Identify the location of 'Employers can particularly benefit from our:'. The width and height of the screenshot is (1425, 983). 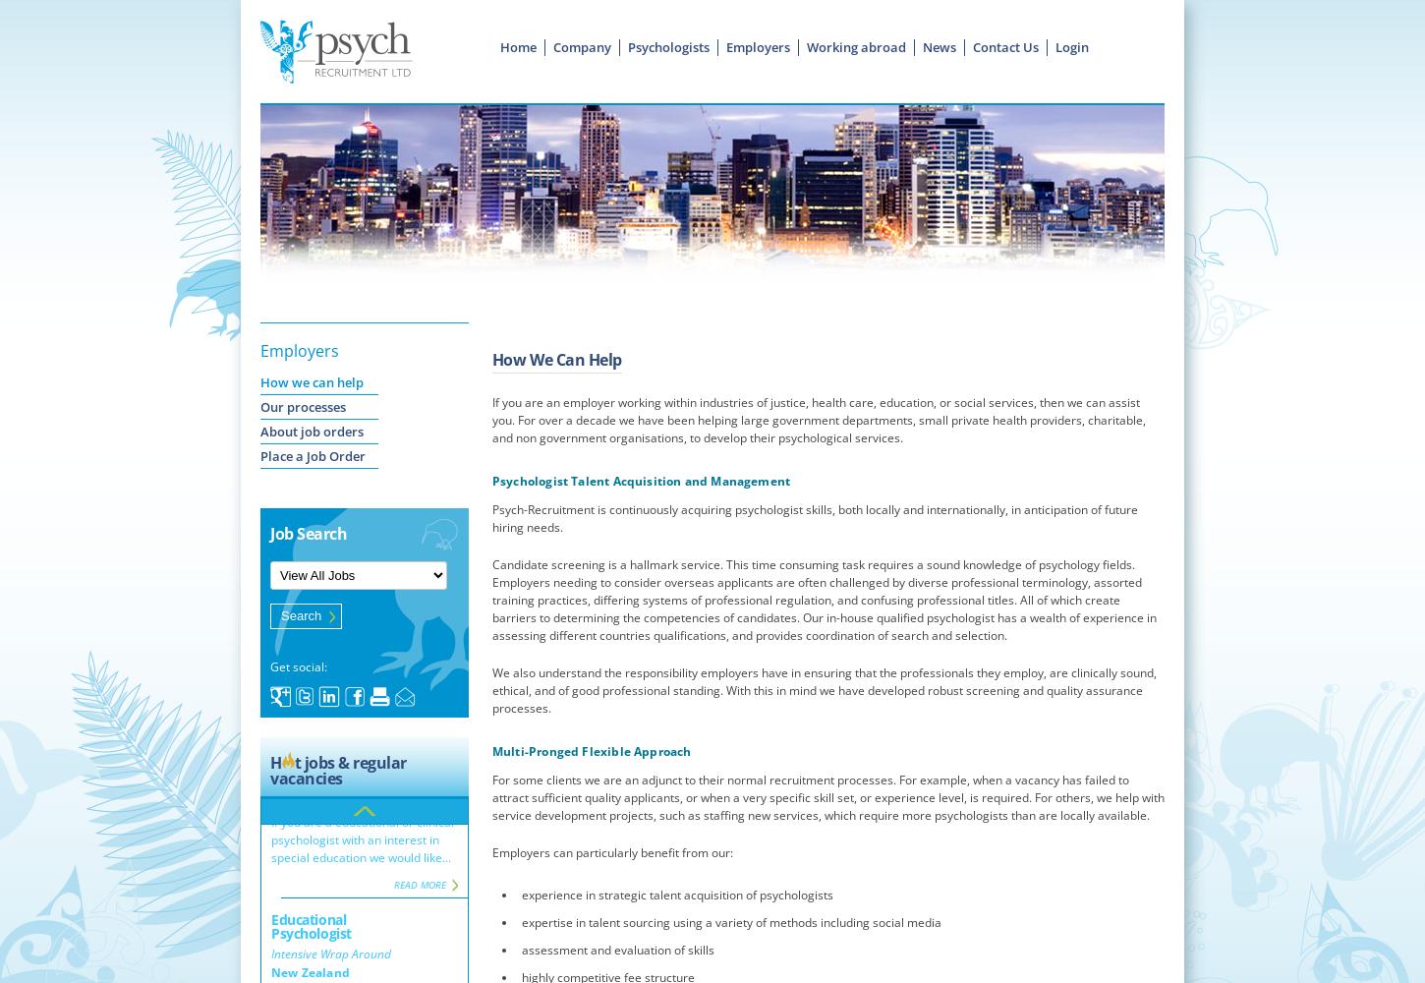
(610, 851).